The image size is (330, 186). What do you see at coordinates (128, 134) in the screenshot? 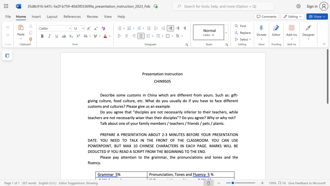
I see `the 1th character "S" in the text` at bounding box center [128, 134].